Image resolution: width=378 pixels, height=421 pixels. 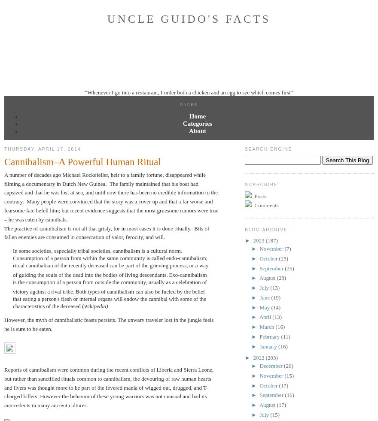 What do you see at coordinates (108, 324) in the screenshot?
I see `'However, the myth of cannibalistic feasts persists. The unwary traveler lost in the jungle feels he is sure to be eaten.'` at bounding box center [108, 324].